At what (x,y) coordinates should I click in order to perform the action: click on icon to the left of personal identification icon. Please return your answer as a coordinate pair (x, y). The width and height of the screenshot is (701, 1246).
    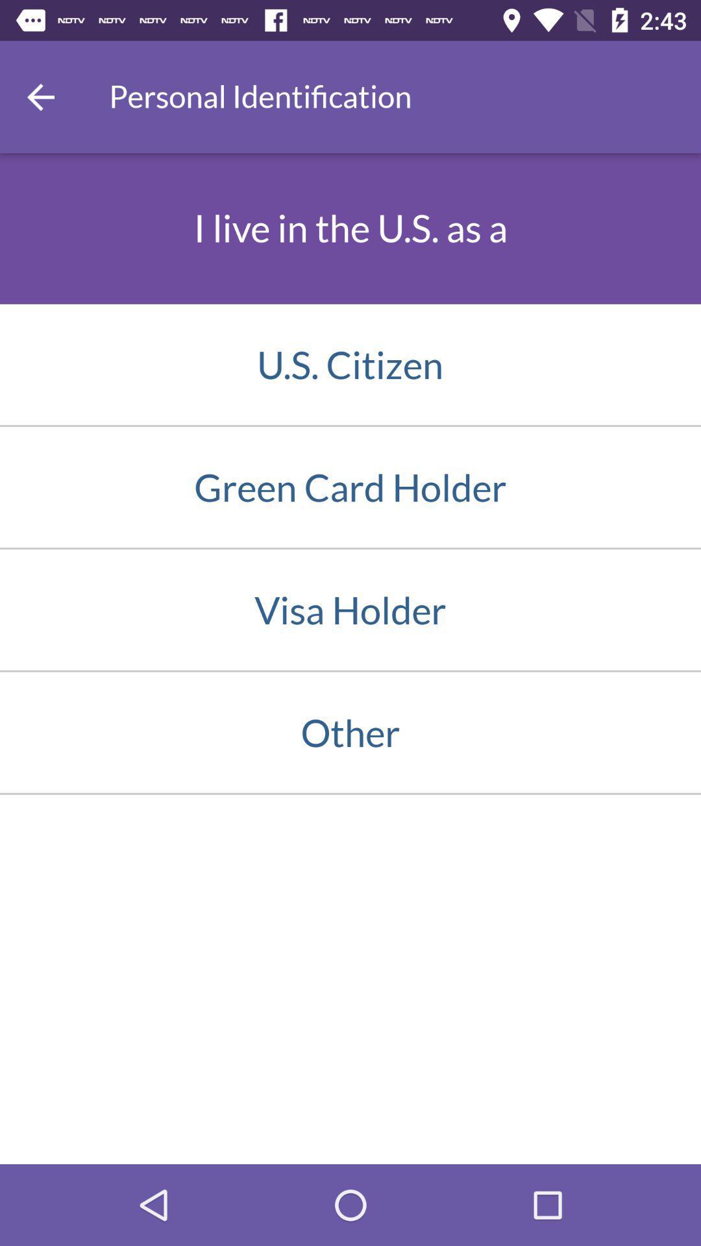
    Looking at the image, I should click on (40, 96).